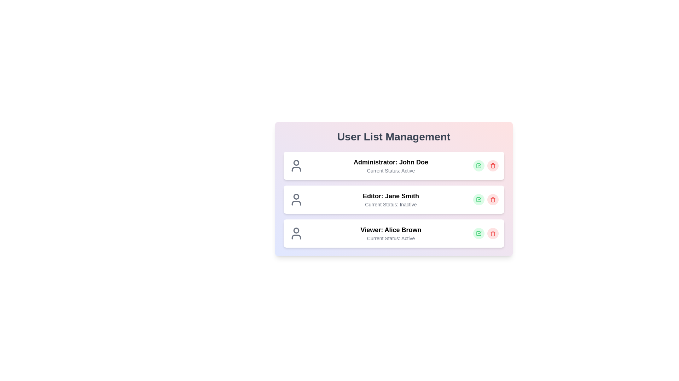 The width and height of the screenshot is (679, 381). What do you see at coordinates (492, 234) in the screenshot?
I see `the red trash can icon button` at bounding box center [492, 234].